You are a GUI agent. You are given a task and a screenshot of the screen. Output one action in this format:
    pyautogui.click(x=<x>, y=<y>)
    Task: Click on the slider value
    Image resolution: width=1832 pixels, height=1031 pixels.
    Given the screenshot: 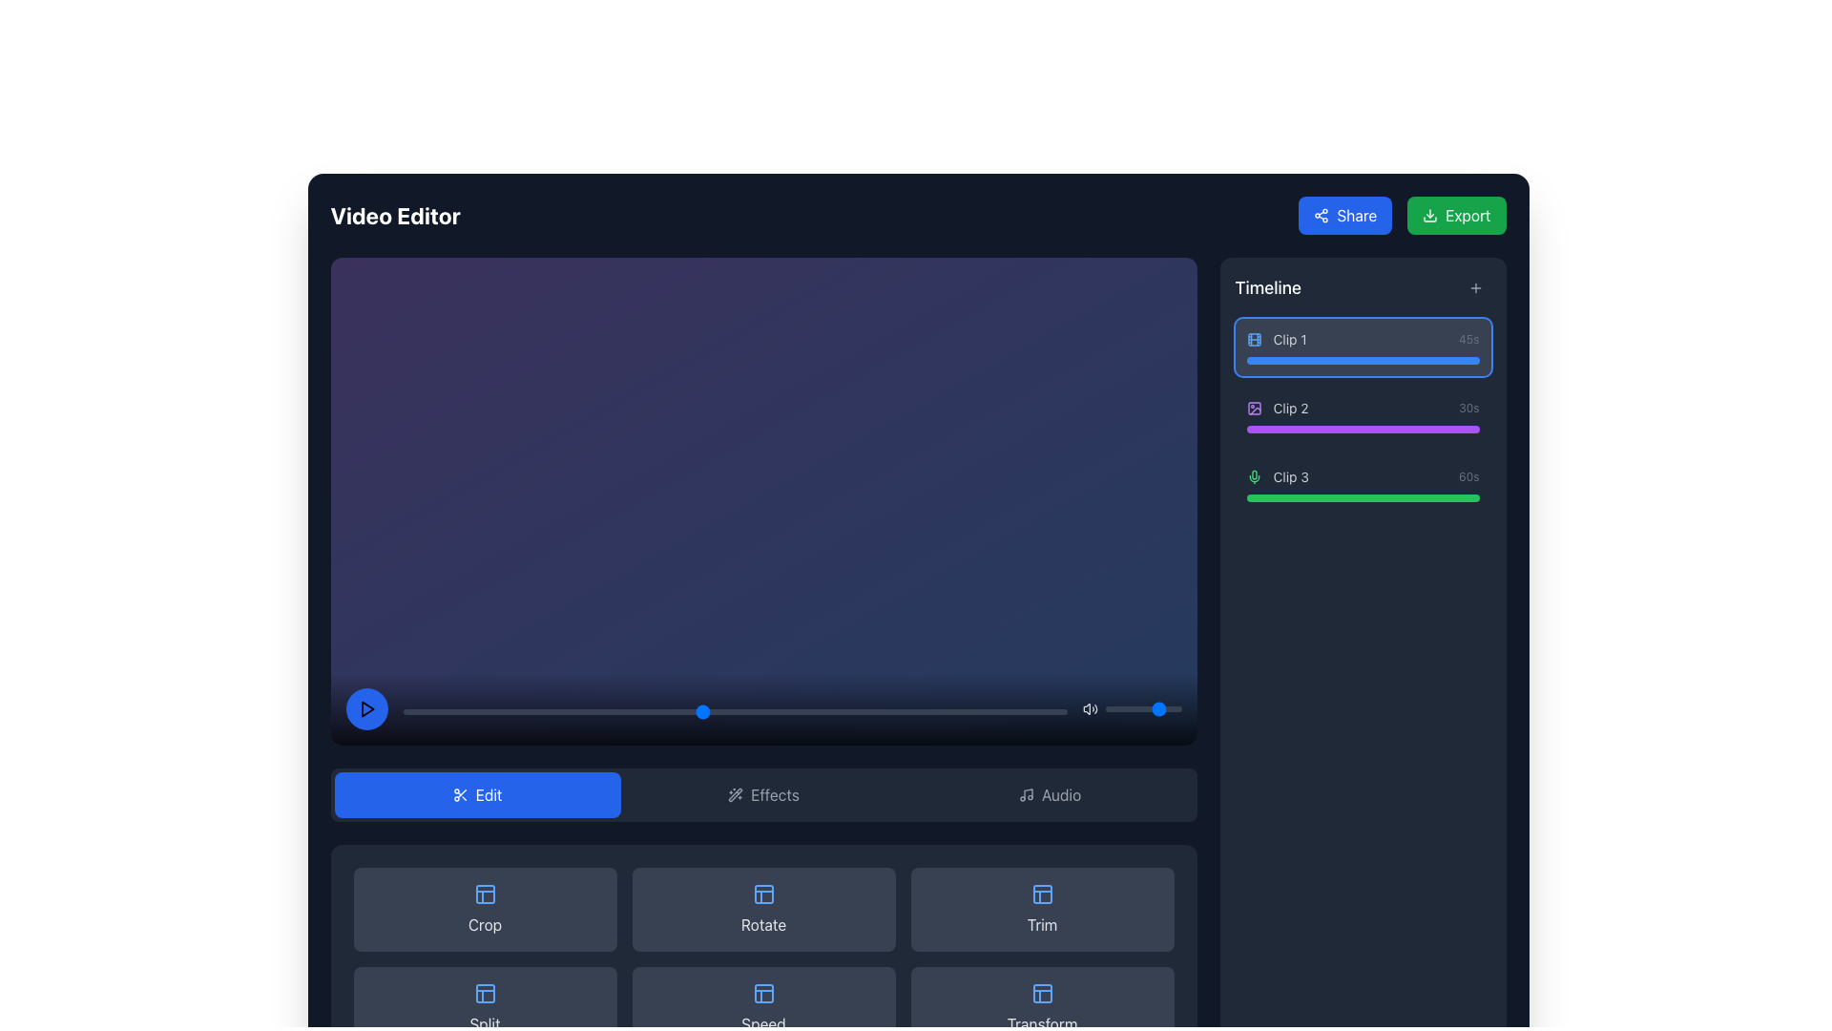 What is the action you would take?
    pyautogui.click(x=476, y=710)
    